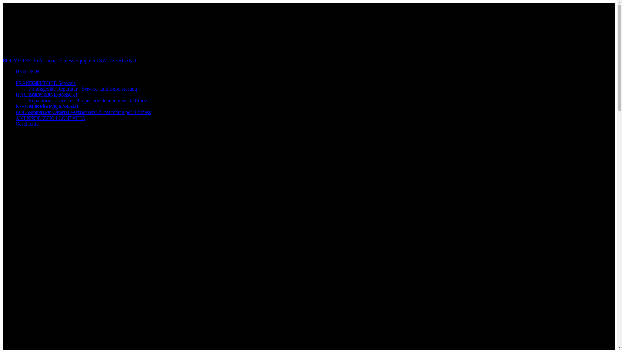 This screenshot has width=622, height=350. What do you see at coordinates (52, 83) in the screenshot?
I see `'BODYTONE Schweiz'` at bounding box center [52, 83].